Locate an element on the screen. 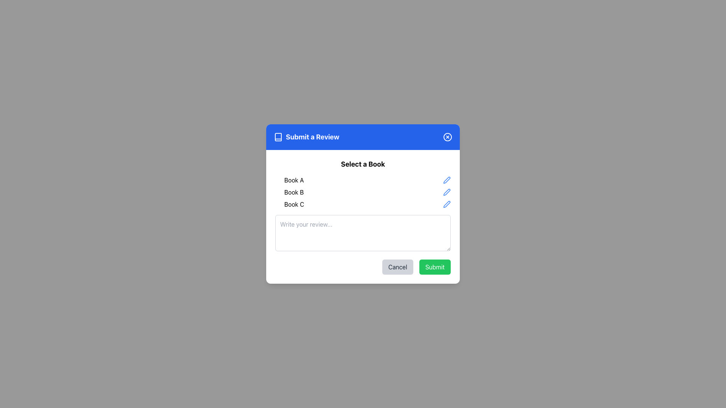 This screenshot has height=408, width=726. the editing icon located to the right of the 'Book C' text in the list is located at coordinates (447, 204).